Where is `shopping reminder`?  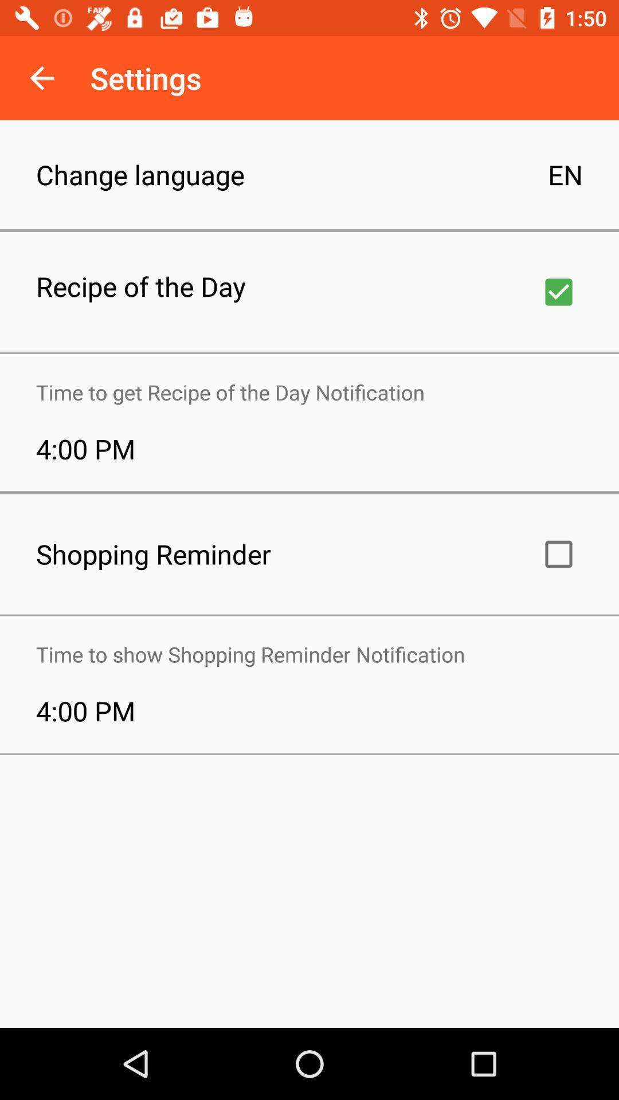 shopping reminder is located at coordinates (558, 554).